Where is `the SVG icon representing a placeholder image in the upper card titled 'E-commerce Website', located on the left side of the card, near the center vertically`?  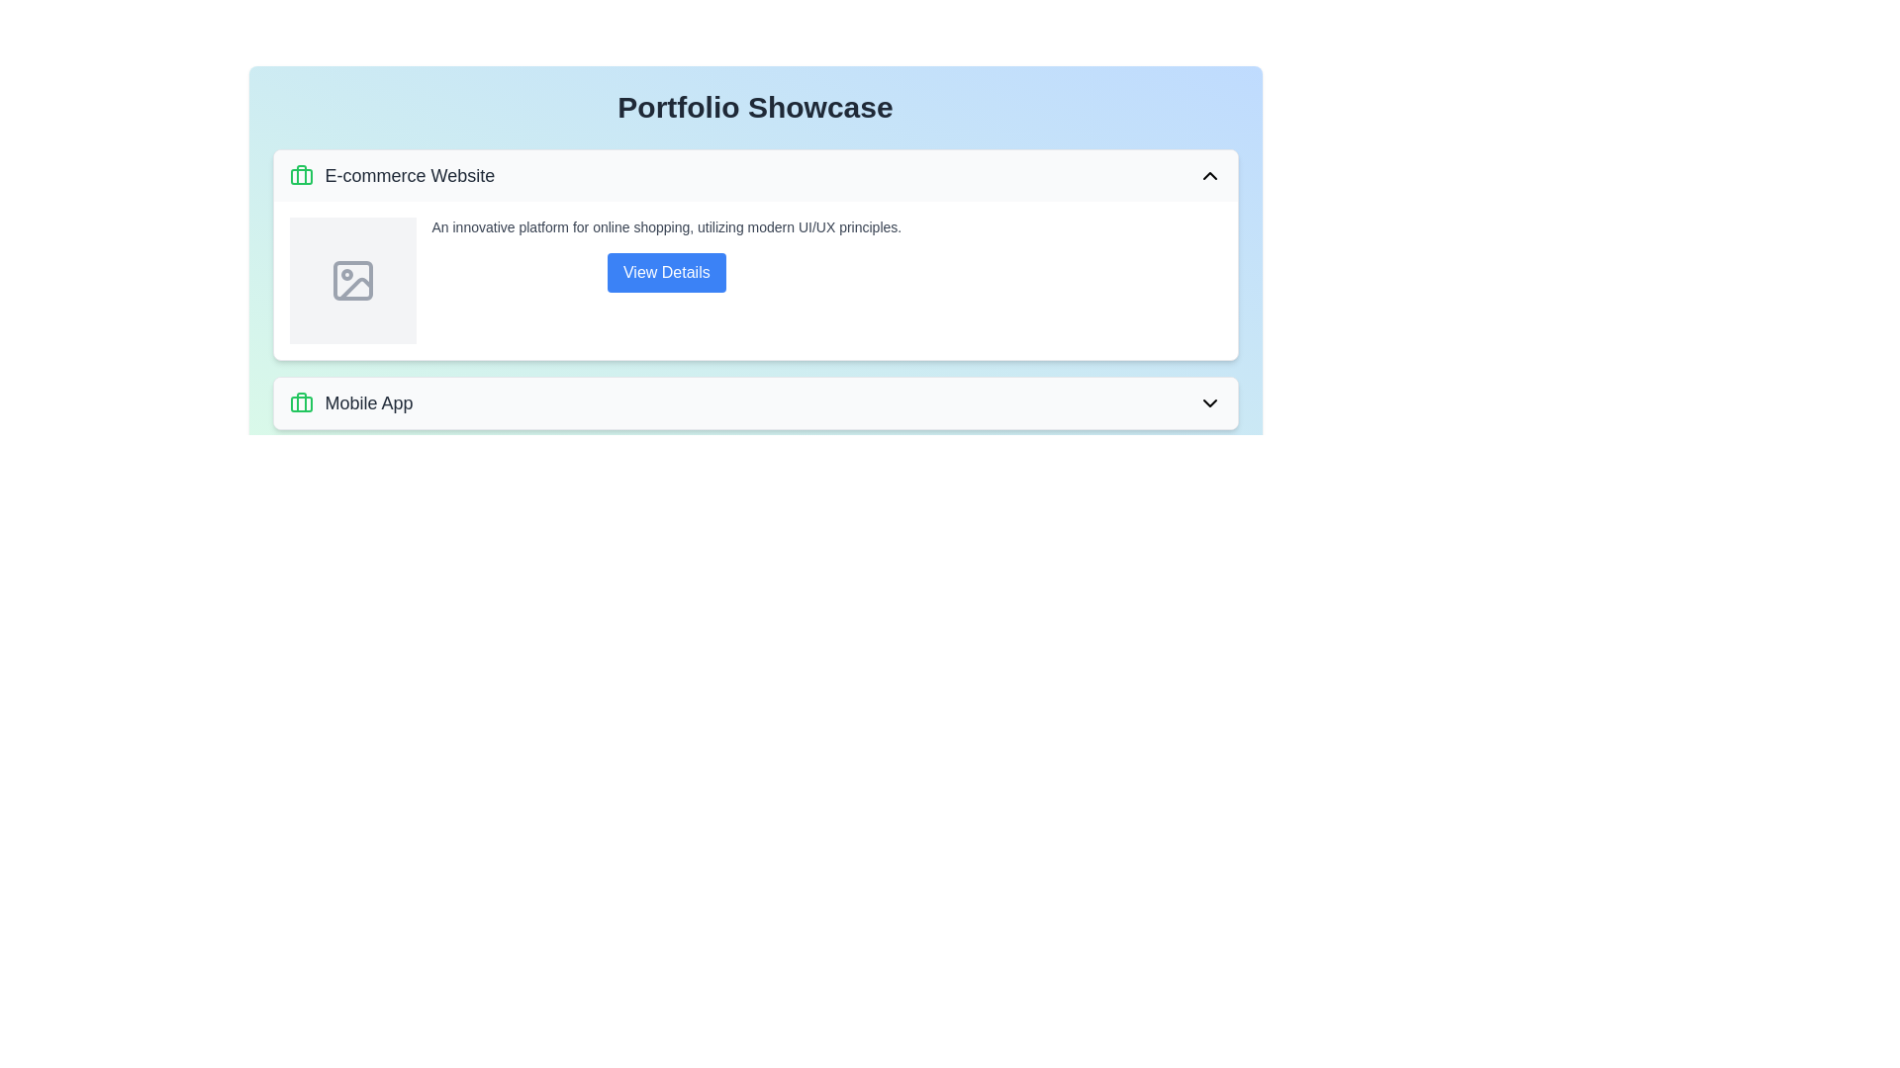
the SVG icon representing a placeholder image in the upper card titled 'E-commerce Website', located on the left side of the card, near the center vertically is located at coordinates (352, 281).